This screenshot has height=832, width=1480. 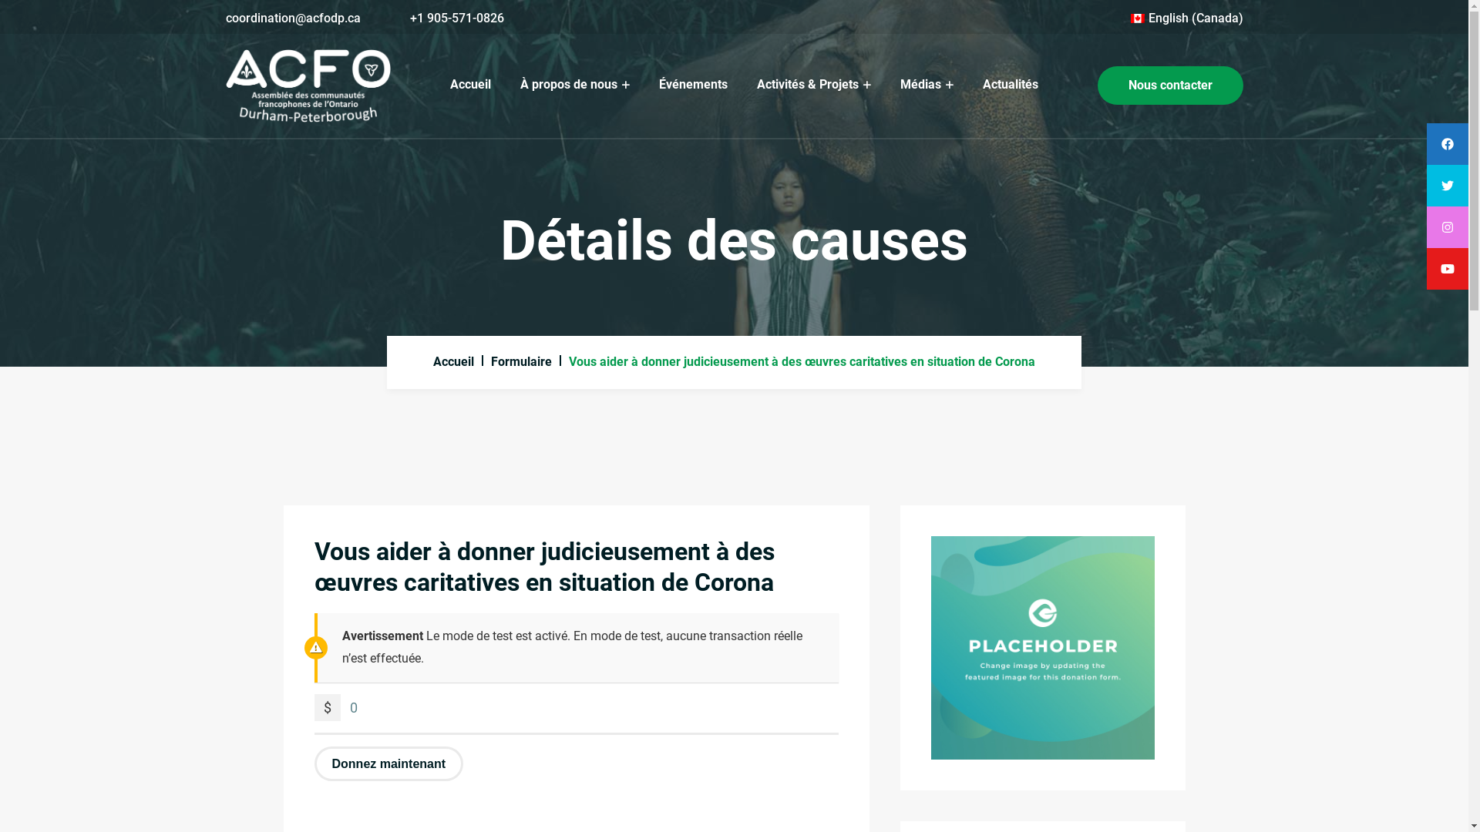 What do you see at coordinates (1129, 18) in the screenshot?
I see `'English (Canada)'` at bounding box center [1129, 18].